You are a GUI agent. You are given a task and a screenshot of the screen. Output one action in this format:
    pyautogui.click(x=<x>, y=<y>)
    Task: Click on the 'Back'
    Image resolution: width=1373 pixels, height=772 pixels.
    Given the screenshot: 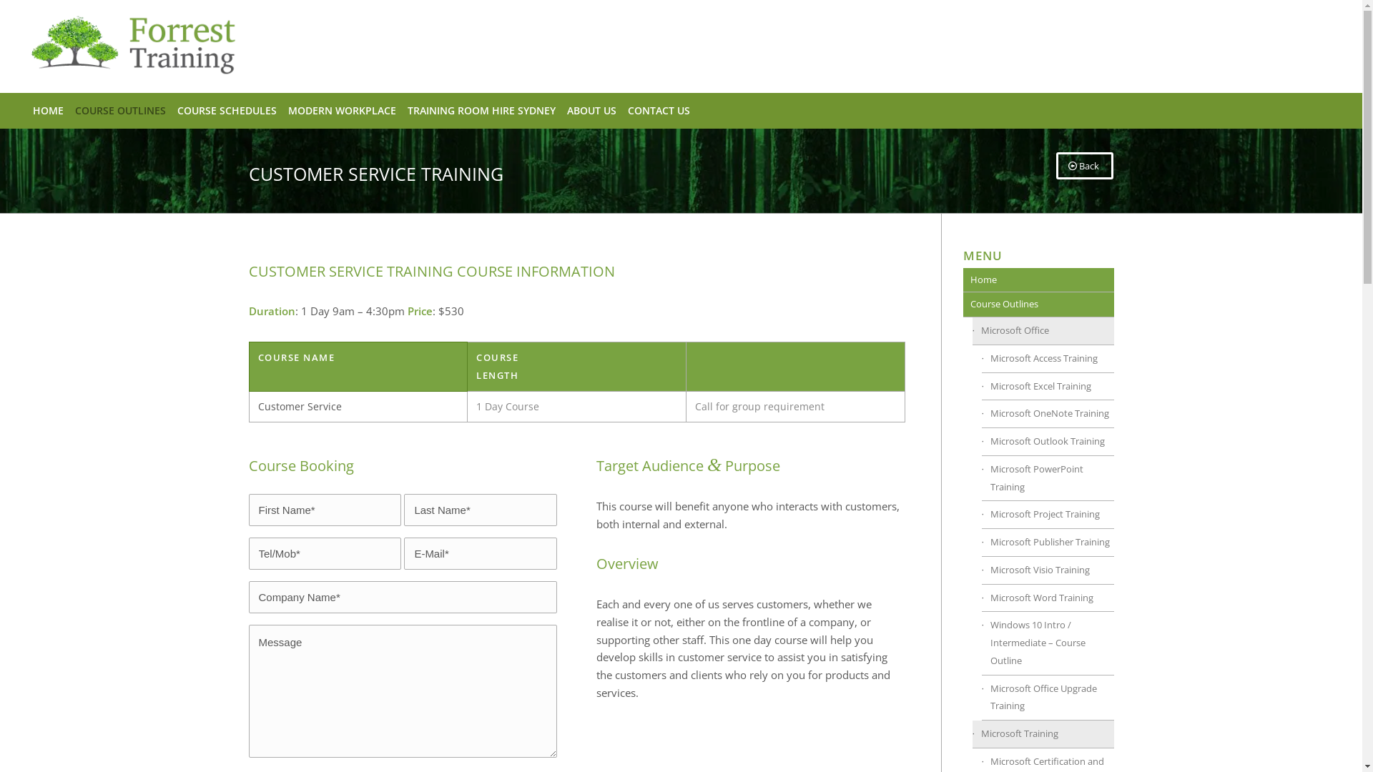 What is the action you would take?
    pyautogui.click(x=1084, y=164)
    